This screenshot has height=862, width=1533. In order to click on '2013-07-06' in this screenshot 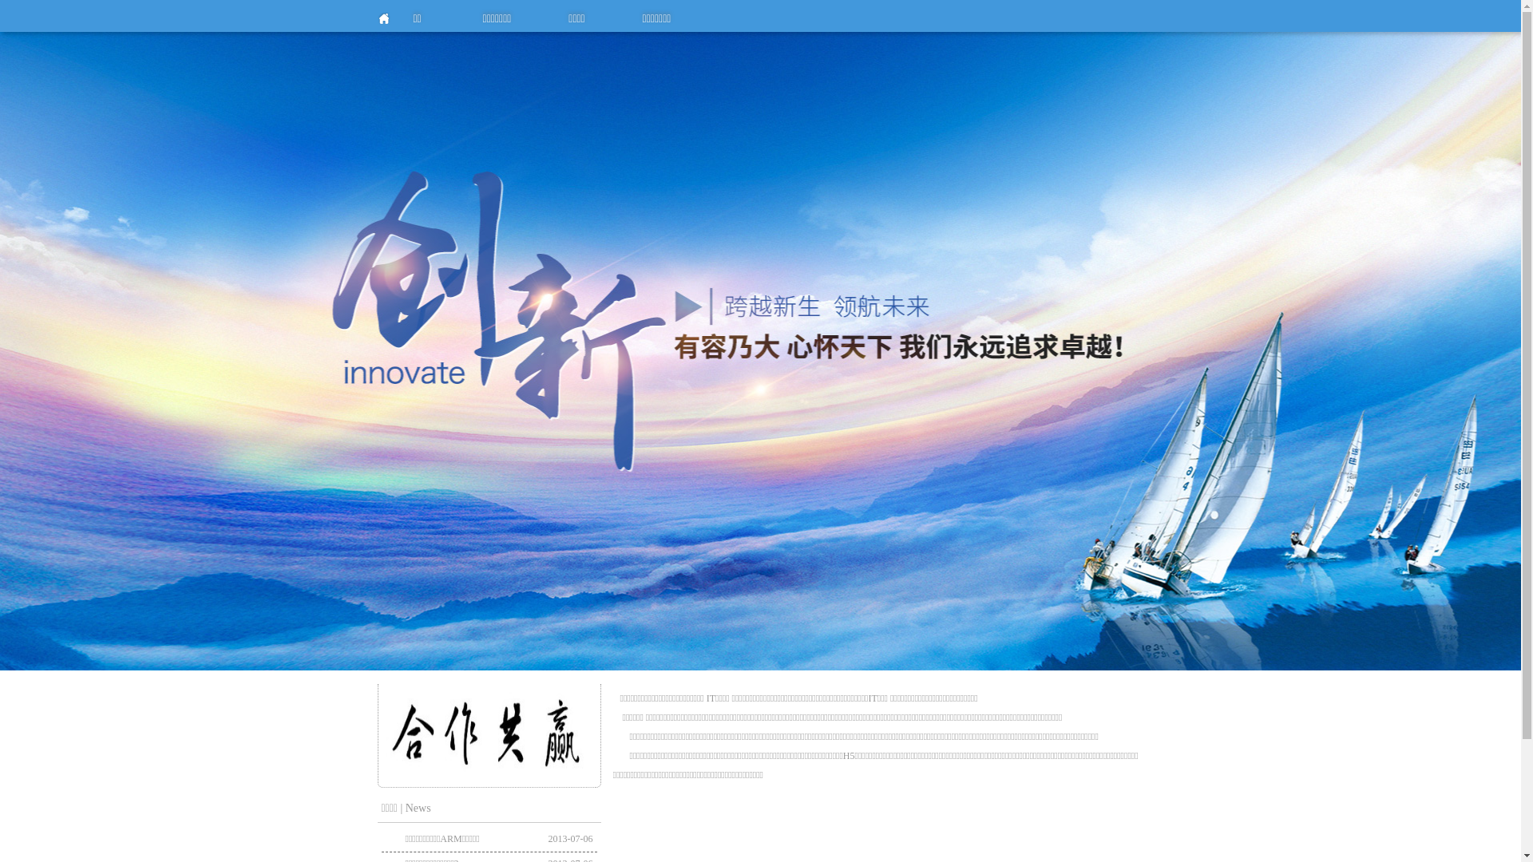, I will do `click(548, 838)`.